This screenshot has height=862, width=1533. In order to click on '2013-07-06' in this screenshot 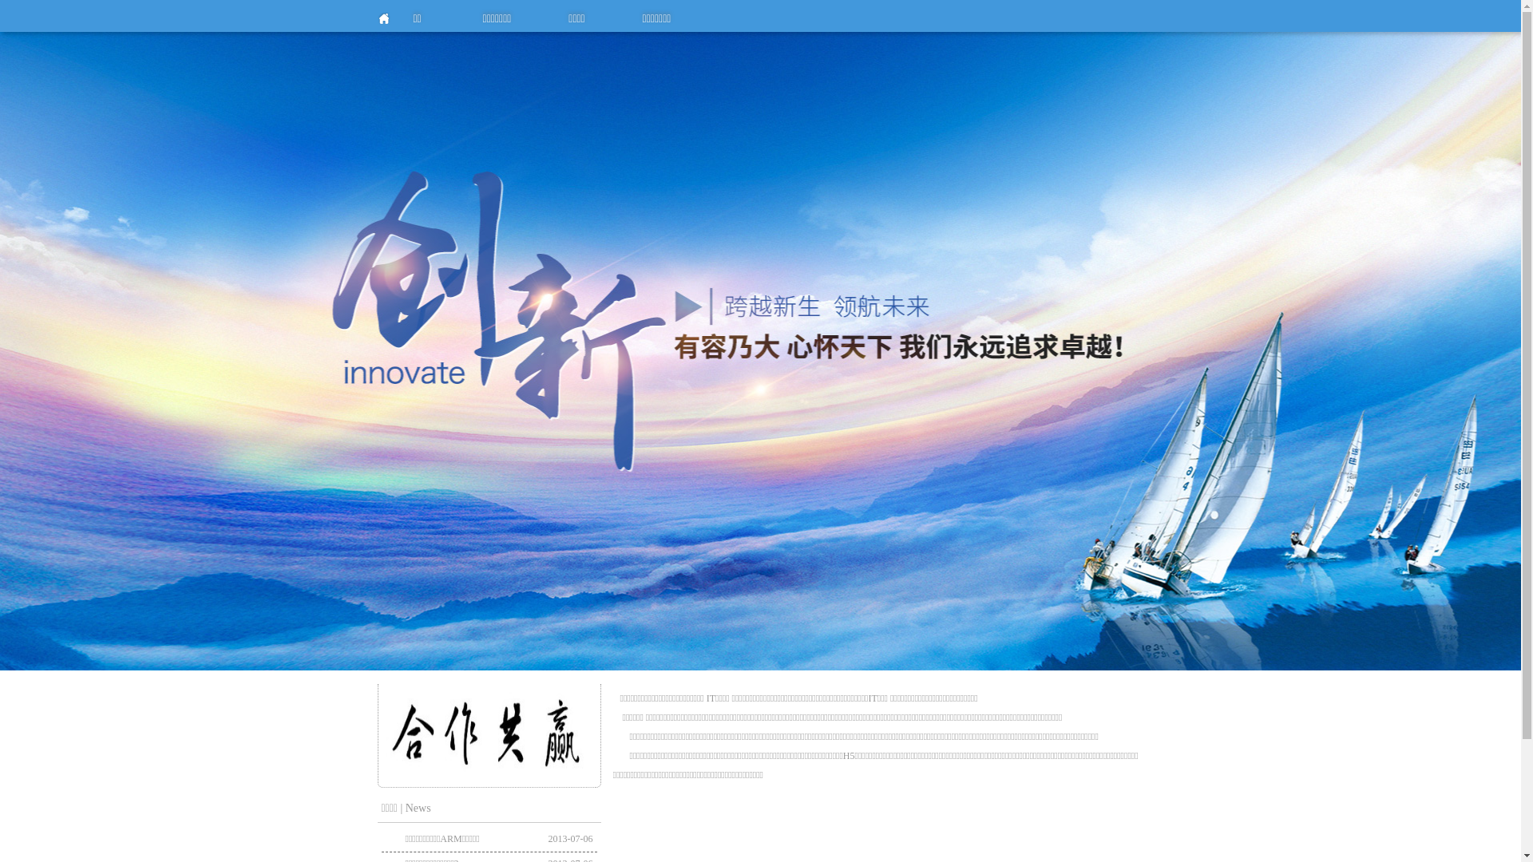, I will do `click(548, 838)`.